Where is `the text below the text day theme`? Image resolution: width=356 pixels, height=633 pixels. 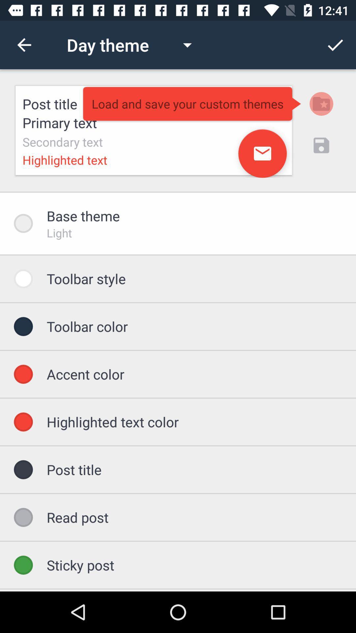
the text below the text day theme is located at coordinates (154, 130).